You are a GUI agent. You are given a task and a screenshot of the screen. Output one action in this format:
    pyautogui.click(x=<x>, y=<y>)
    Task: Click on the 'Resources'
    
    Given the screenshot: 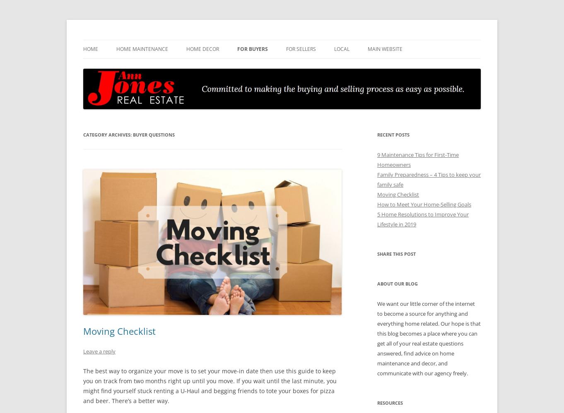 What is the action you would take?
    pyautogui.click(x=389, y=402)
    